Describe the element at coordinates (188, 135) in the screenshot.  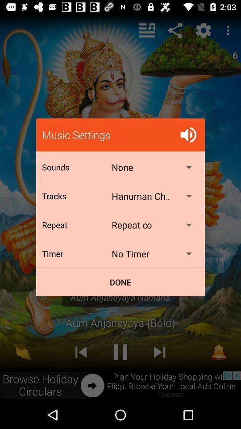
I see `icon at the top right corner` at that location.